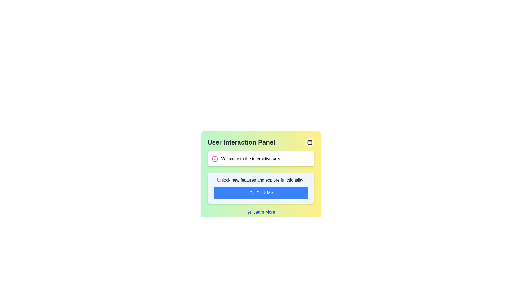 The image size is (513, 288). I want to click on the bell icon located on the left side of the blue 'Click Me' button in the user interaction panel, so click(251, 193).